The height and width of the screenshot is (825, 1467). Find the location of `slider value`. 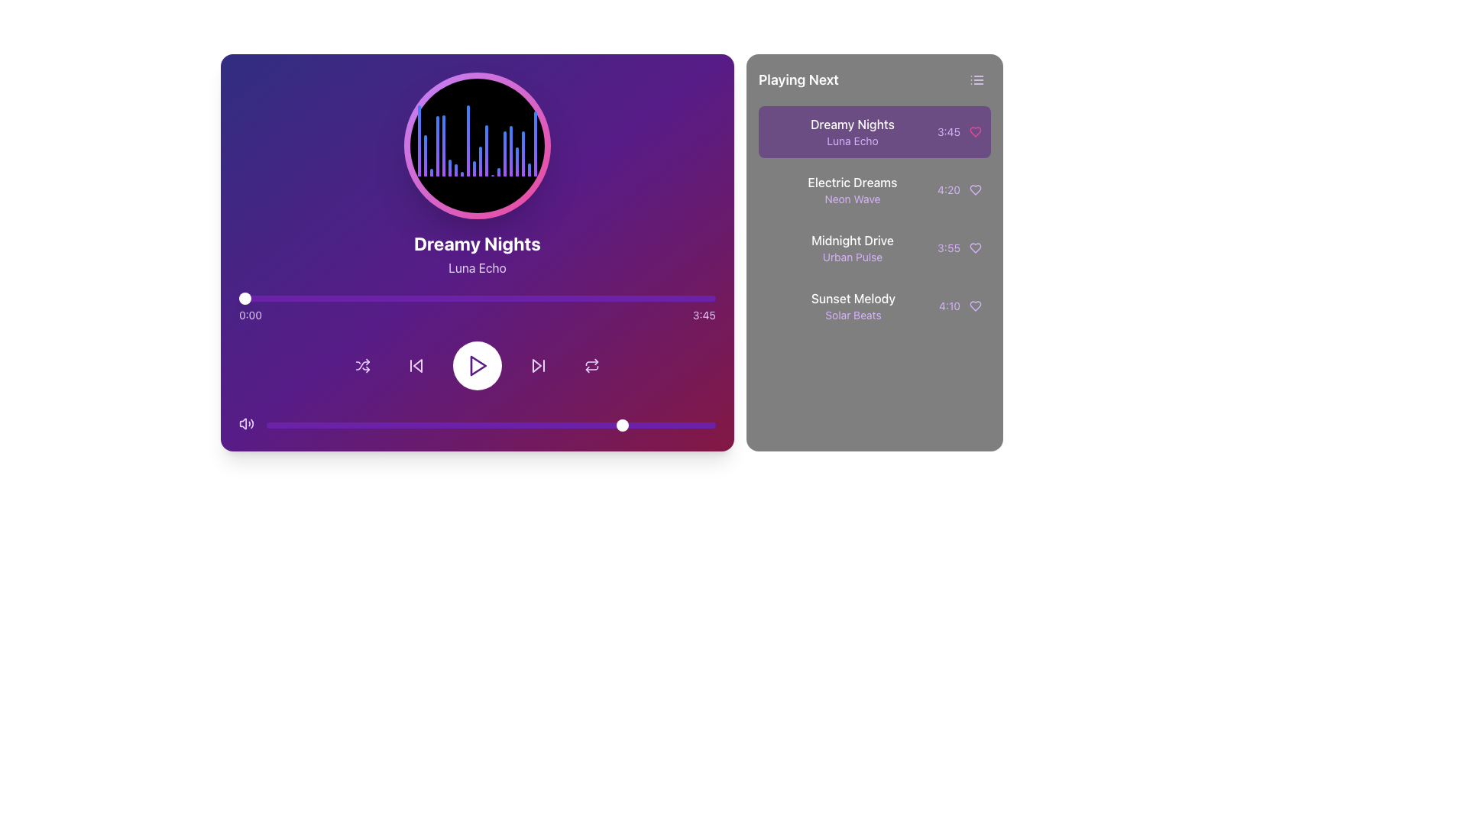

slider value is located at coordinates (485, 425).